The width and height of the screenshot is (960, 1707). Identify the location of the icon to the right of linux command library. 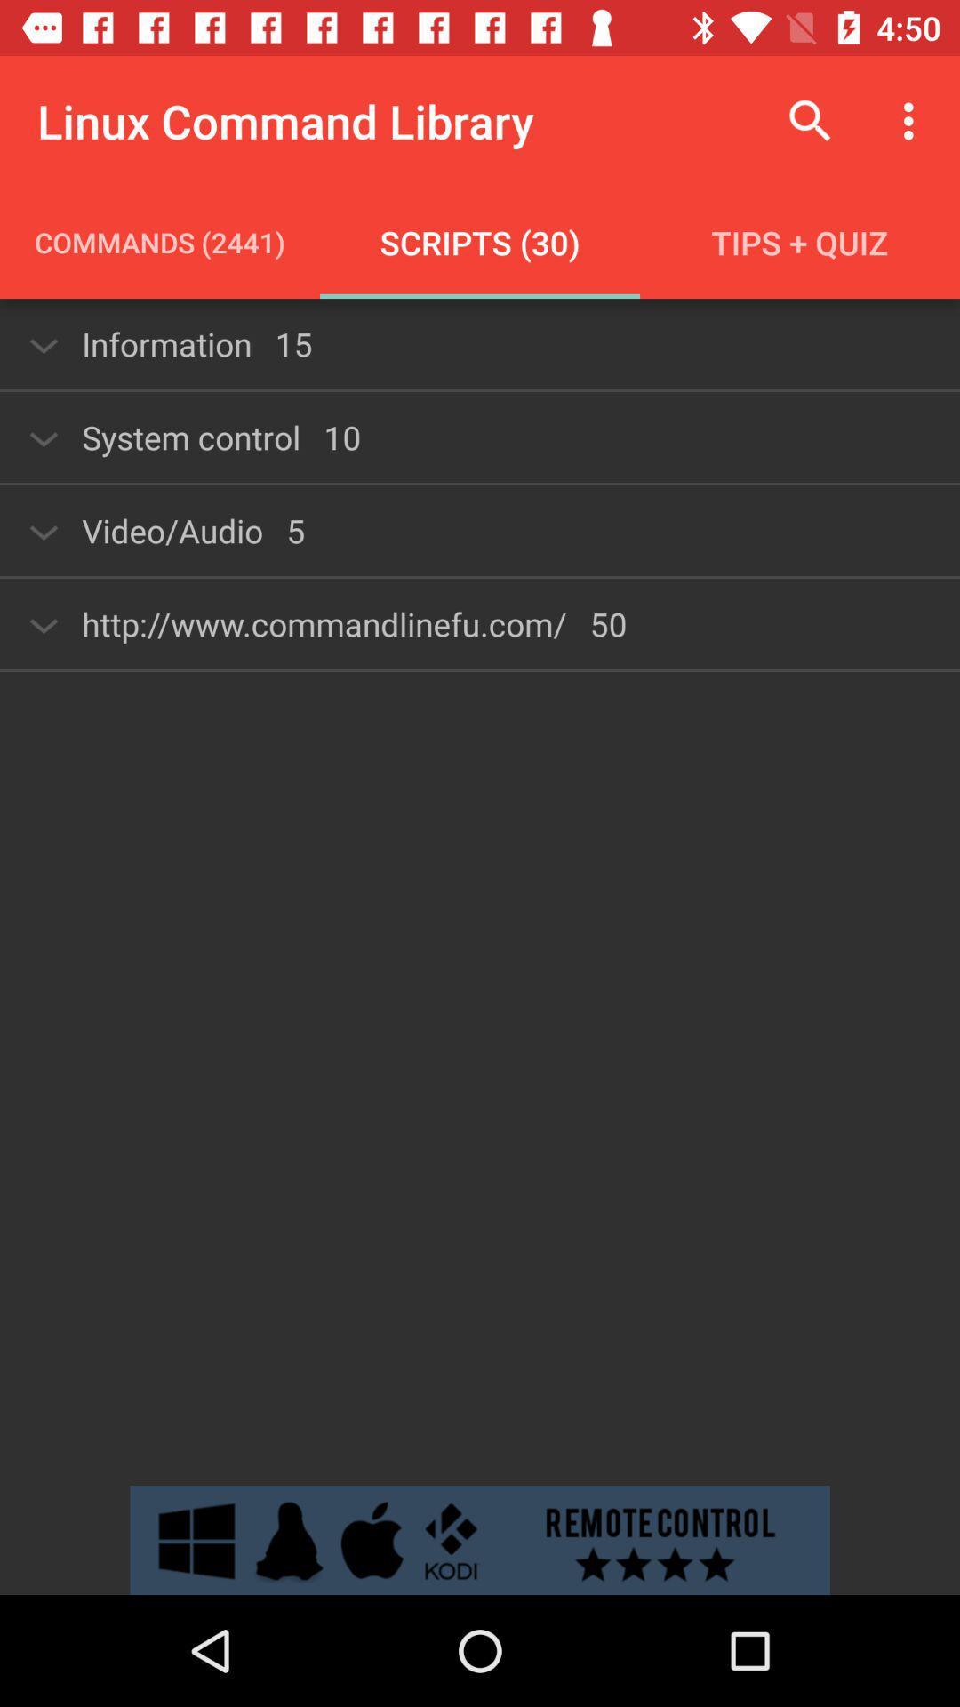
(810, 120).